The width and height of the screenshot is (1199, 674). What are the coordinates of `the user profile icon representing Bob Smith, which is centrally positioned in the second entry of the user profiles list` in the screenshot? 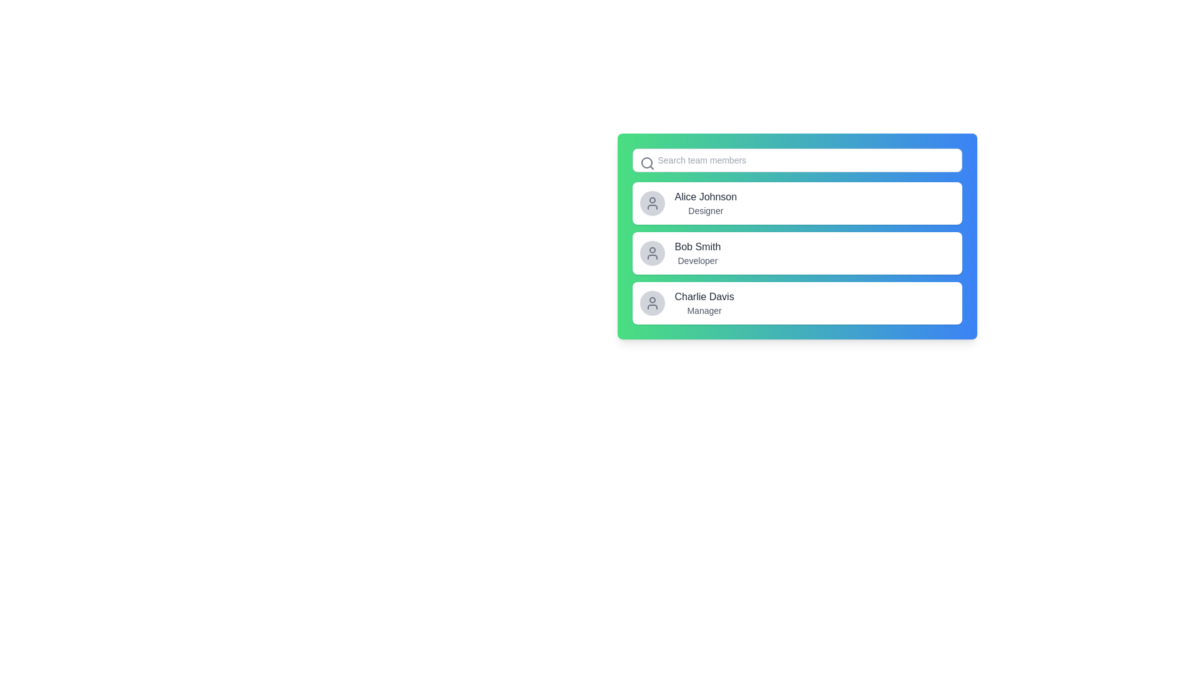 It's located at (651, 253).